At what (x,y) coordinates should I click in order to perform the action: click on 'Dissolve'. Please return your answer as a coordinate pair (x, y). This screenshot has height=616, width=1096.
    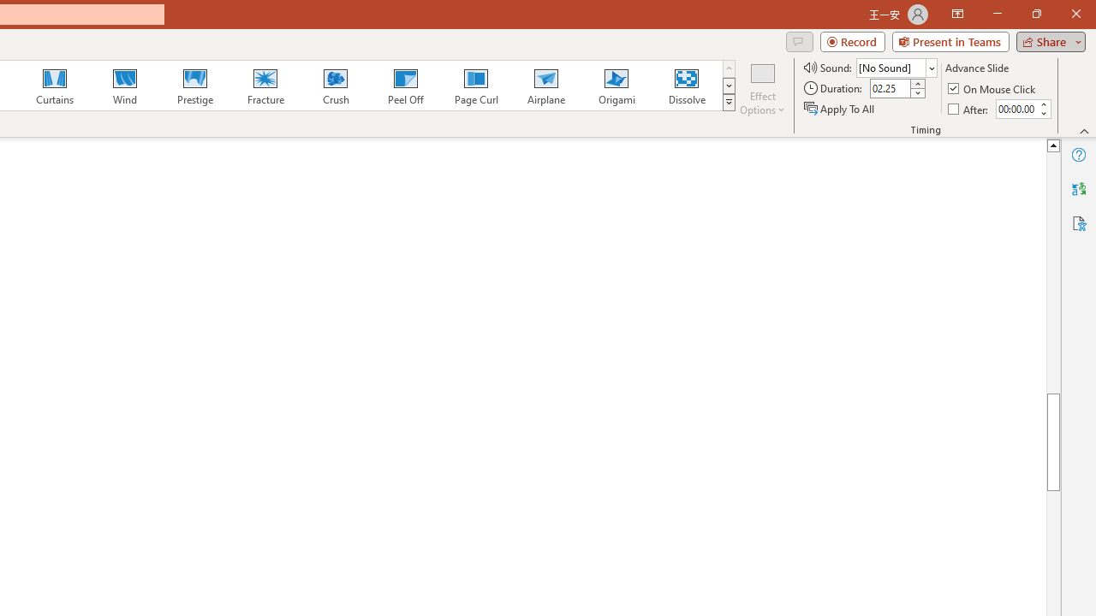
    Looking at the image, I should click on (687, 86).